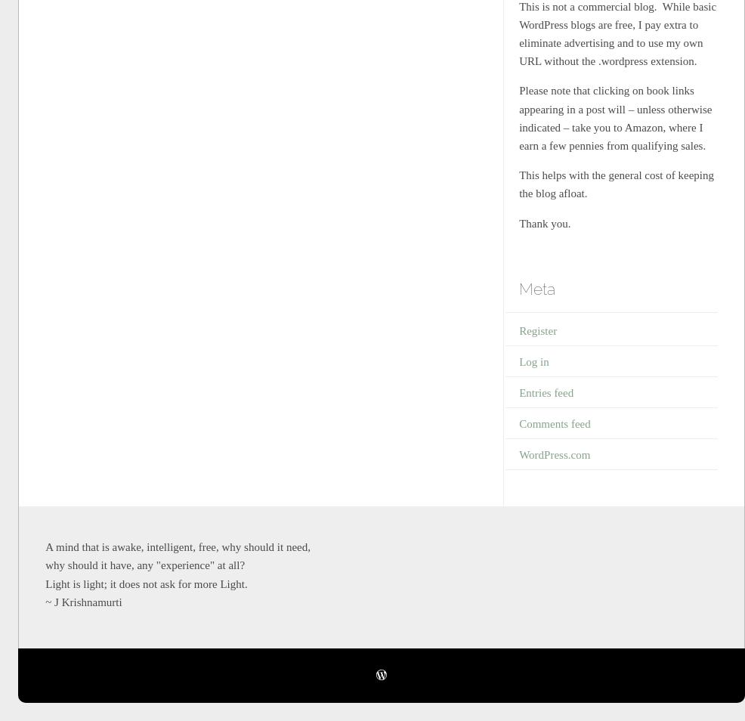 The width and height of the screenshot is (745, 721). I want to click on 'A mind that is awake, intelligent, free, why should it need,', so click(176, 546).